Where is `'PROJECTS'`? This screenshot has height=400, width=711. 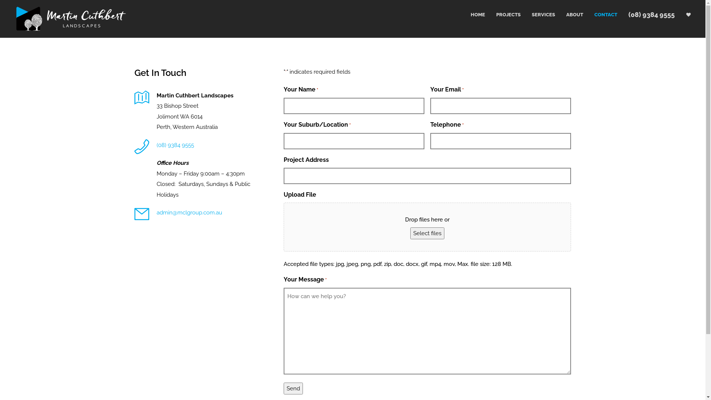
'PROJECTS' is located at coordinates (503, 14).